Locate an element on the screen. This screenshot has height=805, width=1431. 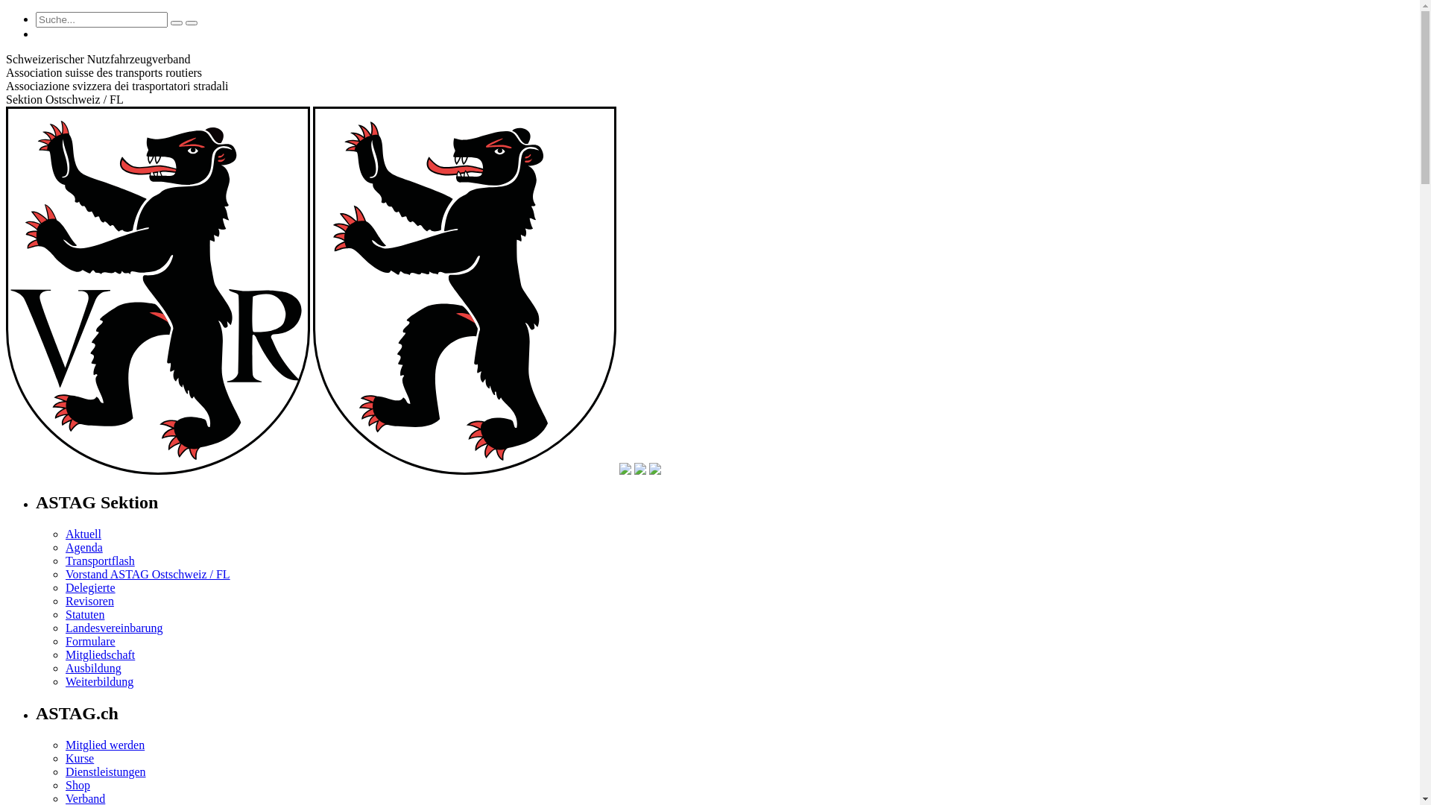
'Mitglied werden' is located at coordinates (104, 745).